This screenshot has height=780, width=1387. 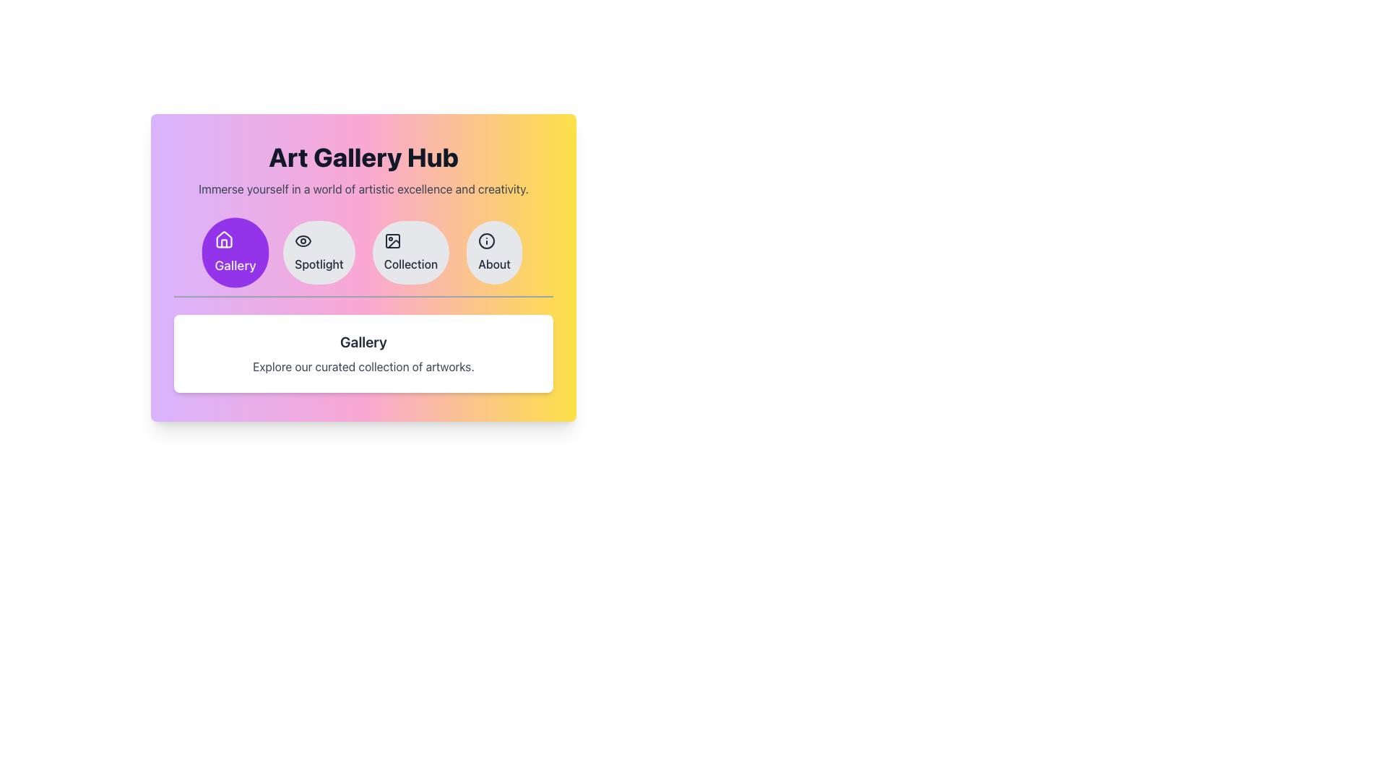 What do you see at coordinates (223, 243) in the screenshot?
I see `the house icon's door portion within the 'Gallery' button` at bounding box center [223, 243].